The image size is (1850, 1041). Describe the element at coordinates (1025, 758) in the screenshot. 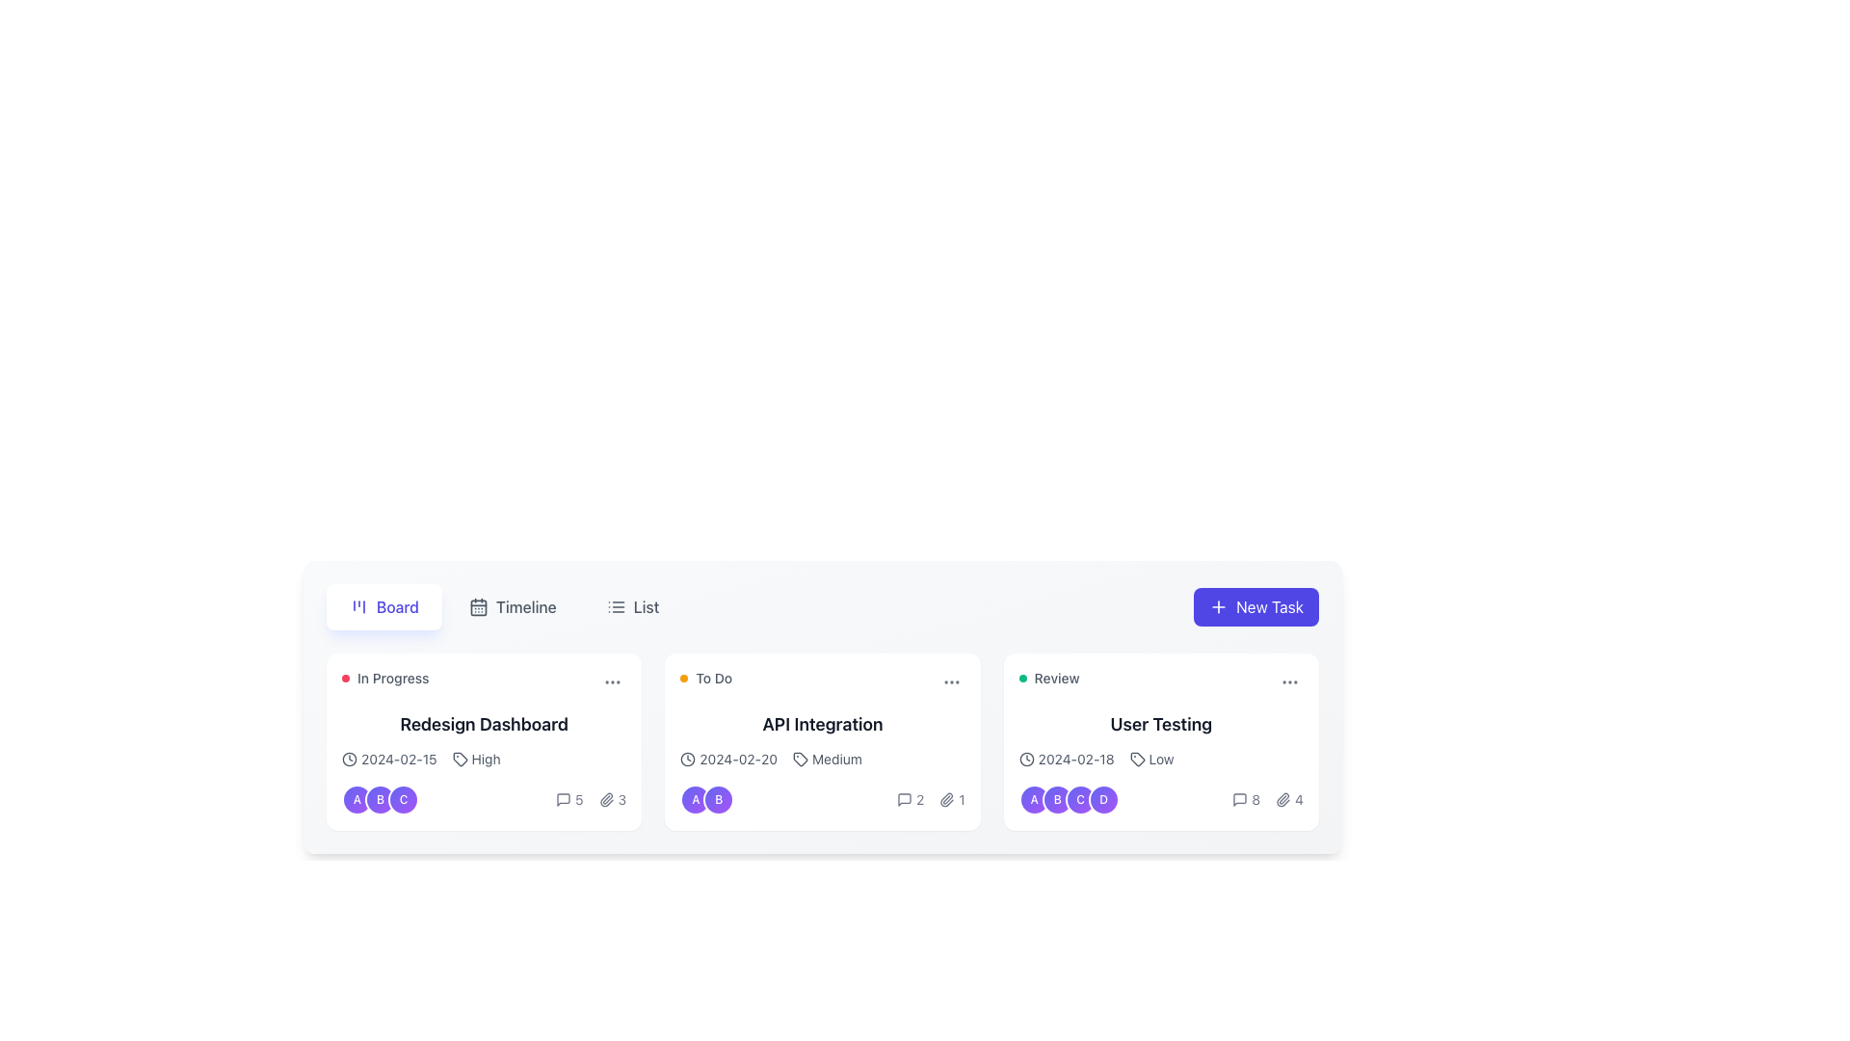

I see `the central SVG circle within the clock icon that represents time-related functionality, located adjacent to the 'User Testing' text in the 'Review' block on the task board` at that location.